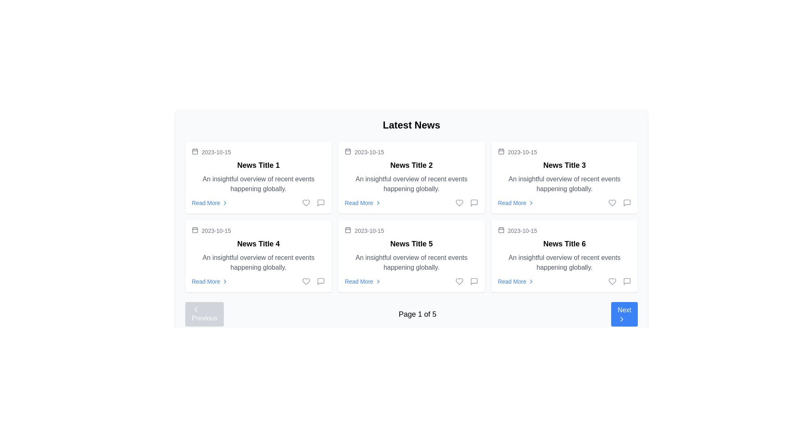 The width and height of the screenshot is (787, 442). What do you see at coordinates (210, 203) in the screenshot?
I see `the blue-colored, underlined text link labeled 'Read More' with a chevron-right icon next to it, located at the bottom of the 'News Title 1' box` at bounding box center [210, 203].